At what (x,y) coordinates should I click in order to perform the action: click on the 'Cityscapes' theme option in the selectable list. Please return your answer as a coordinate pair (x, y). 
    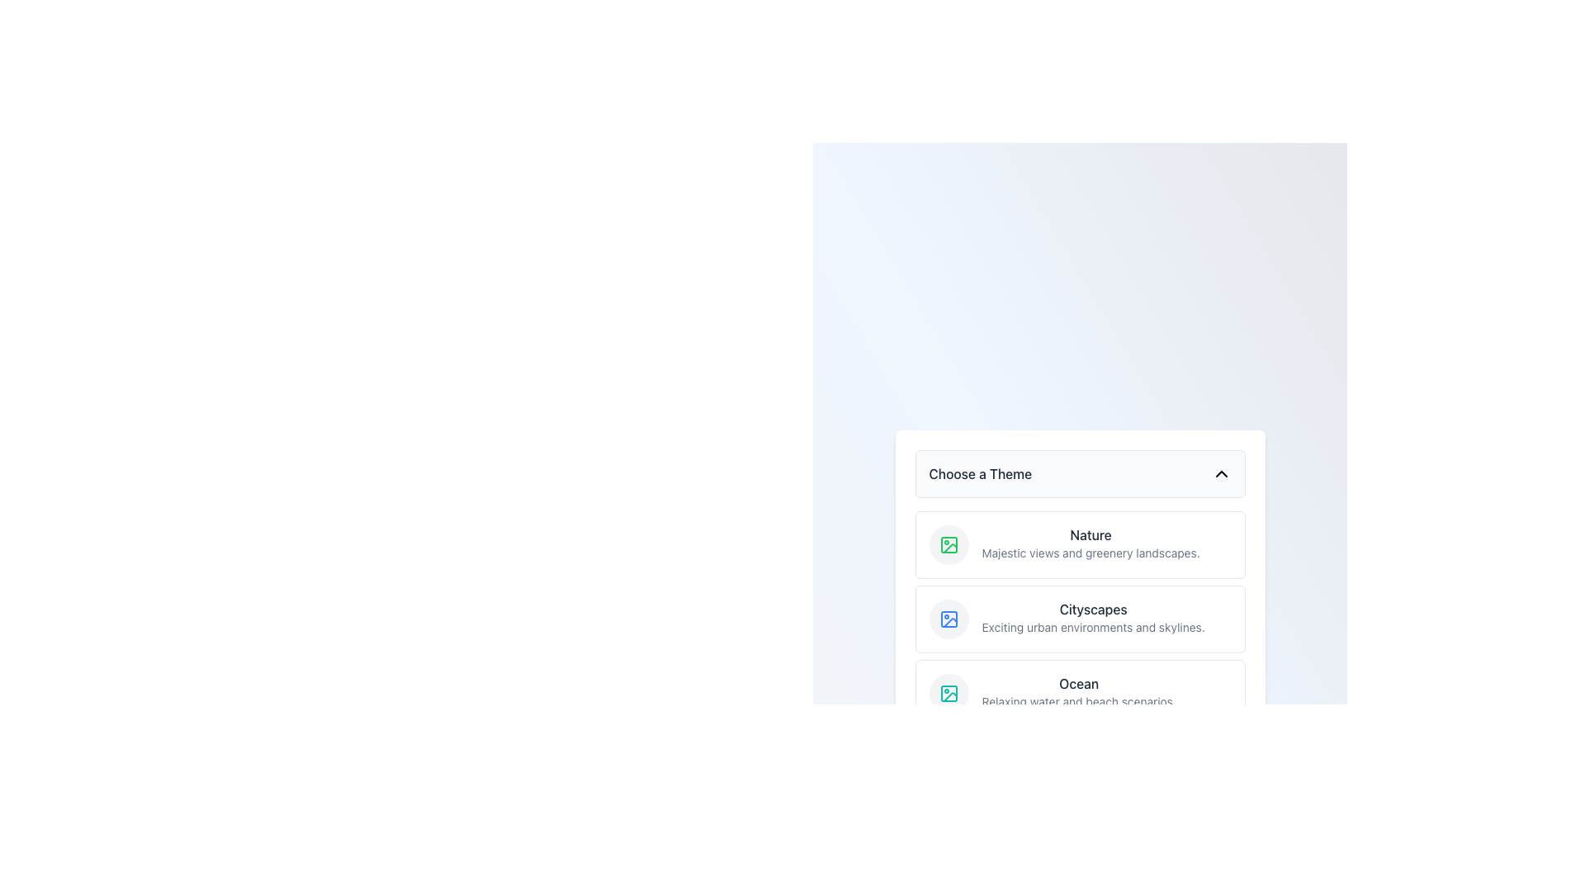
    Looking at the image, I should click on (1067, 619).